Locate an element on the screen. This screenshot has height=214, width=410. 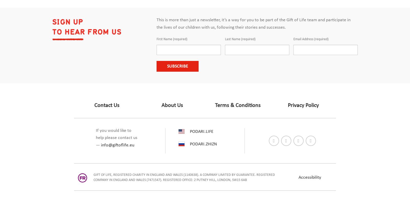
'PODARI.LIFE' is located at coordinates (201, 132).